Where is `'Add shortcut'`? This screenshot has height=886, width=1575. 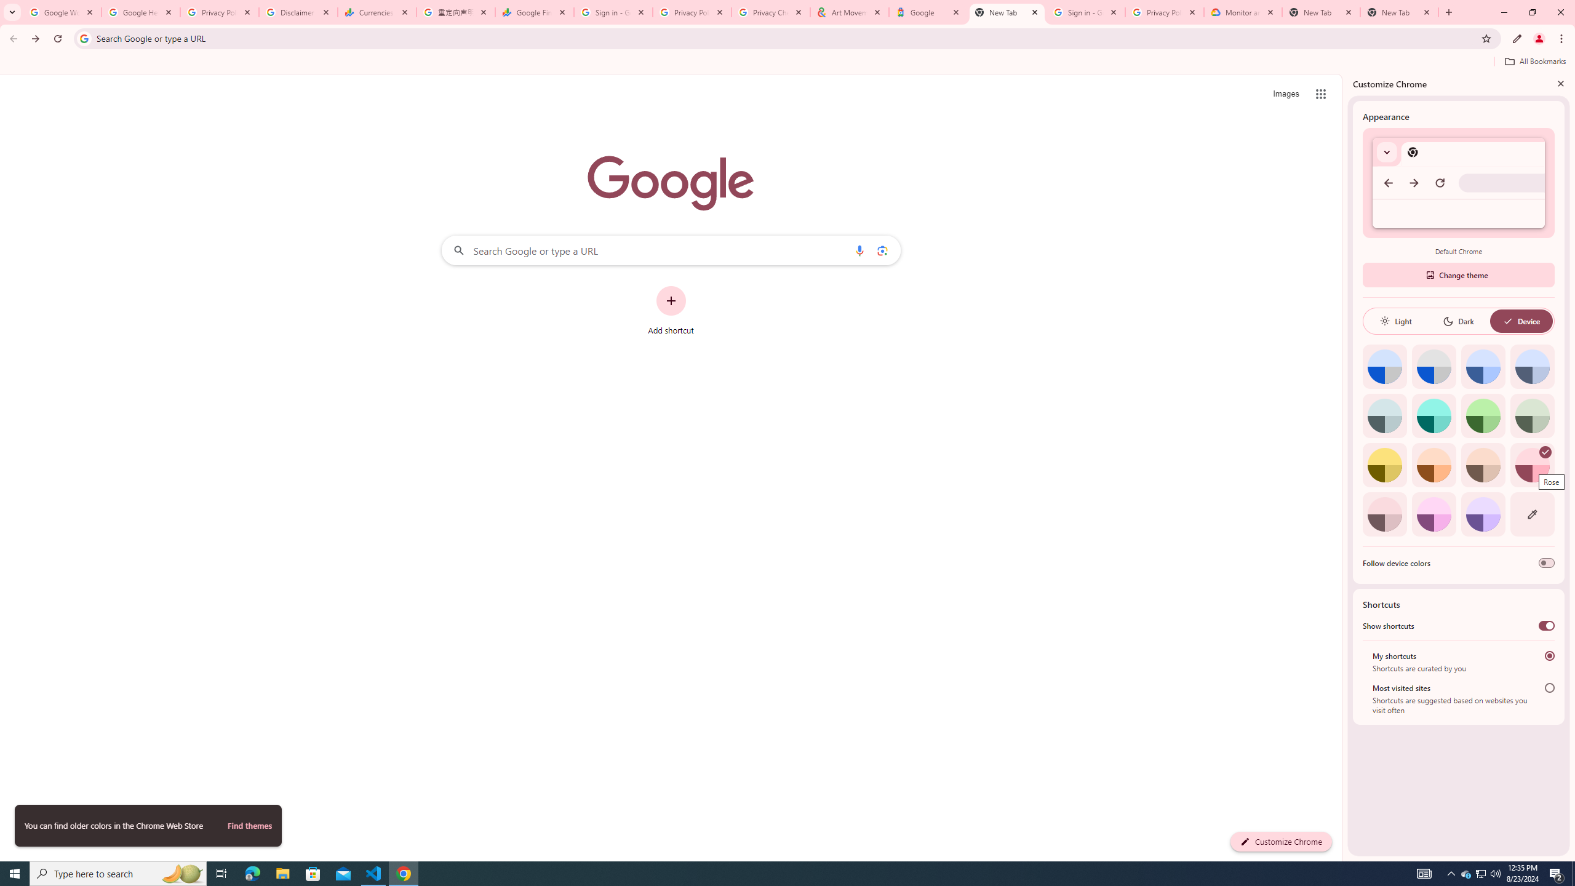
'Add shortcut' is located at coordinates (670, 311).